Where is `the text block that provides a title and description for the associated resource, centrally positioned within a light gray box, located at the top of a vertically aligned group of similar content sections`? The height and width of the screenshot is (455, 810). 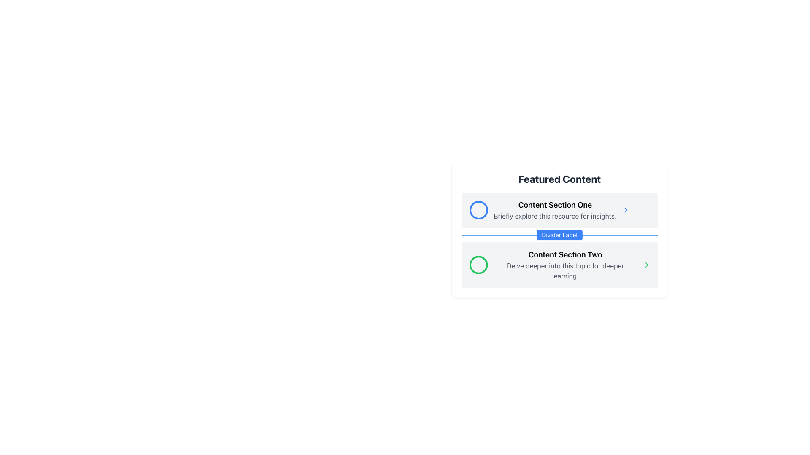
the text block that provides a title and description for the associated resource, centrally positioned within a light gray box, located at the top of a vertically aligned group of similar content sections is located at coordinates (555, 209).